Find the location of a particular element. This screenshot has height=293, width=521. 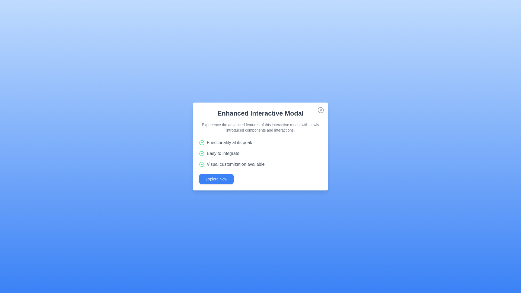

the circular close icon located at the top-right corner of the modal window is located at coordinates (320, 110).